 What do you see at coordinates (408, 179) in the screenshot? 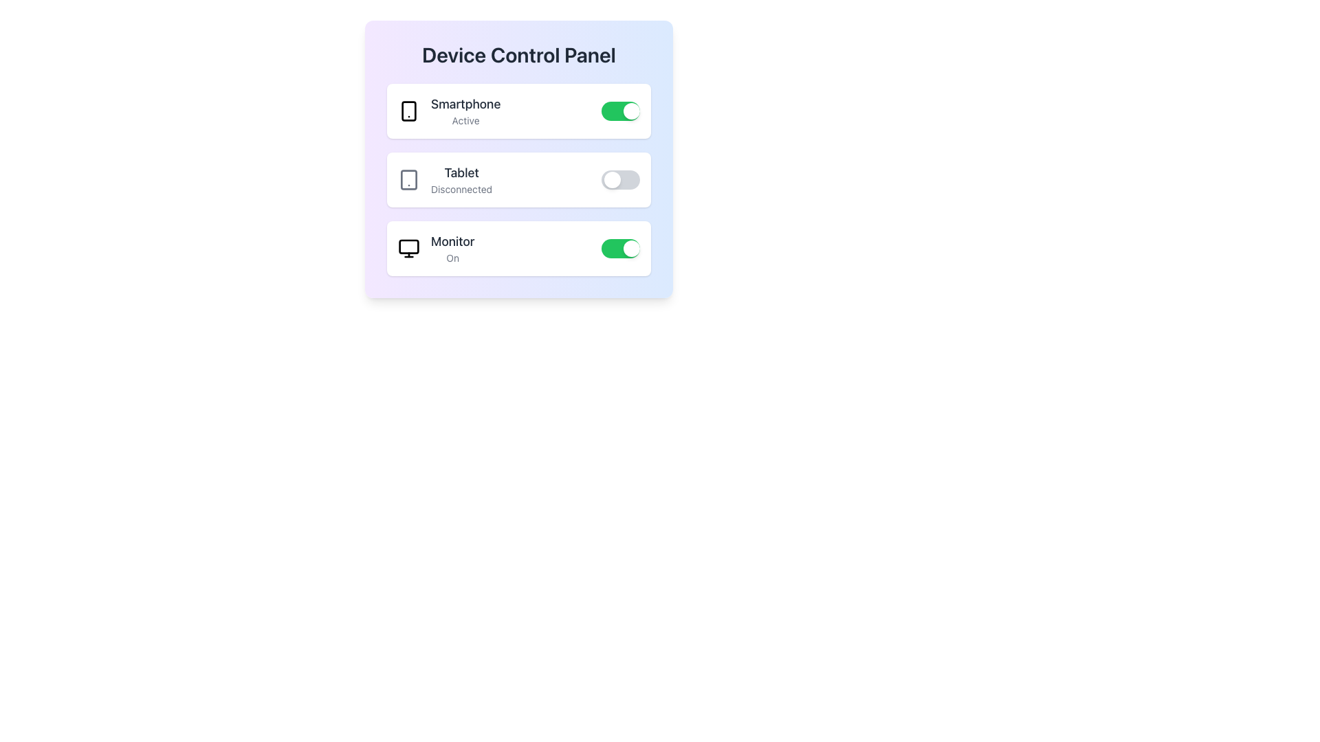
I see `the static icon representing a tablet device, which is styled in gray and located in the second row of the 'Device Control Panel' next to the label 'Tablet'` at bounding box center [408, 179].